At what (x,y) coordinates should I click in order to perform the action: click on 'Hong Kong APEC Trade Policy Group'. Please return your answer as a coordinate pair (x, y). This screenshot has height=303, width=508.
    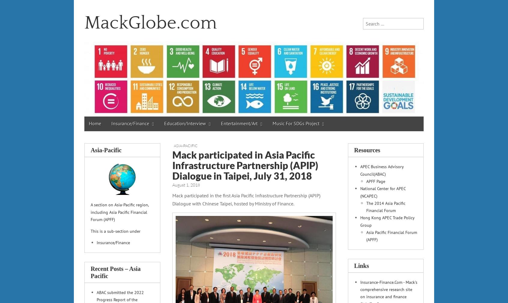
    Looking at the image, I should click on (386, 221).